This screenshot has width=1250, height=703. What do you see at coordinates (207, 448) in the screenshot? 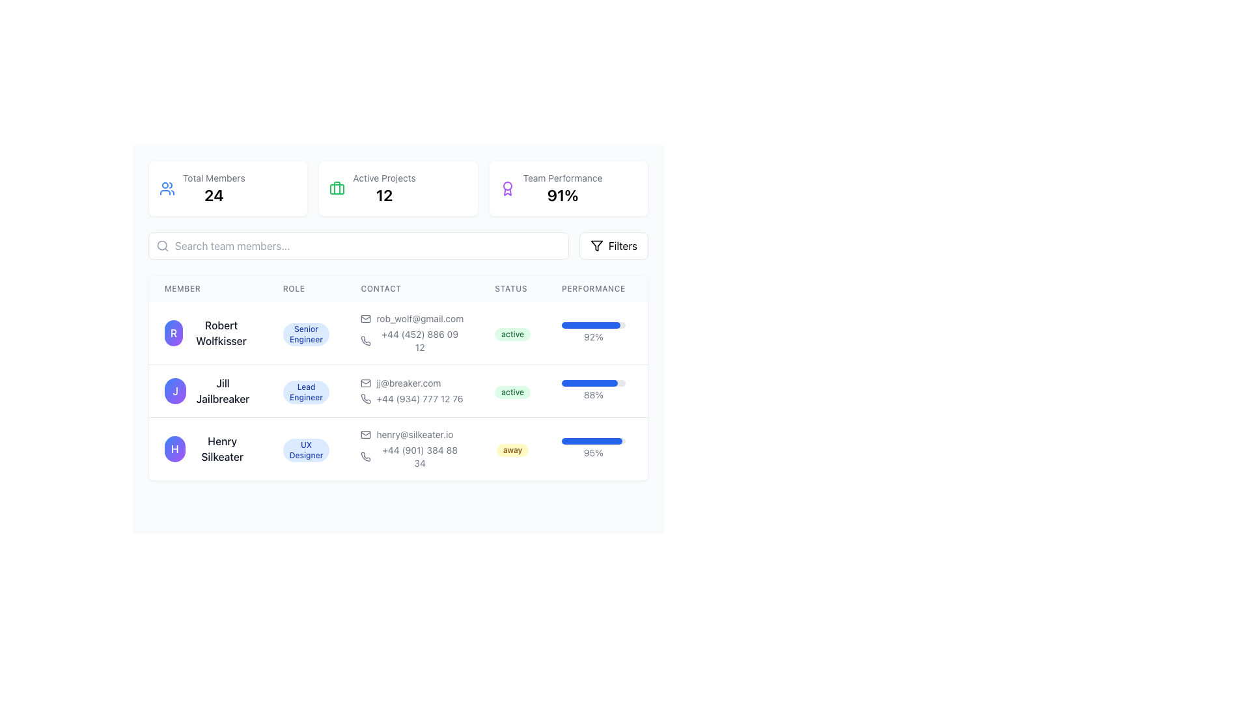
I see `the avatar of the team member in the profile overview, which is the third entry in the list, showcasing their name and image` at bounding box center [207, 448].